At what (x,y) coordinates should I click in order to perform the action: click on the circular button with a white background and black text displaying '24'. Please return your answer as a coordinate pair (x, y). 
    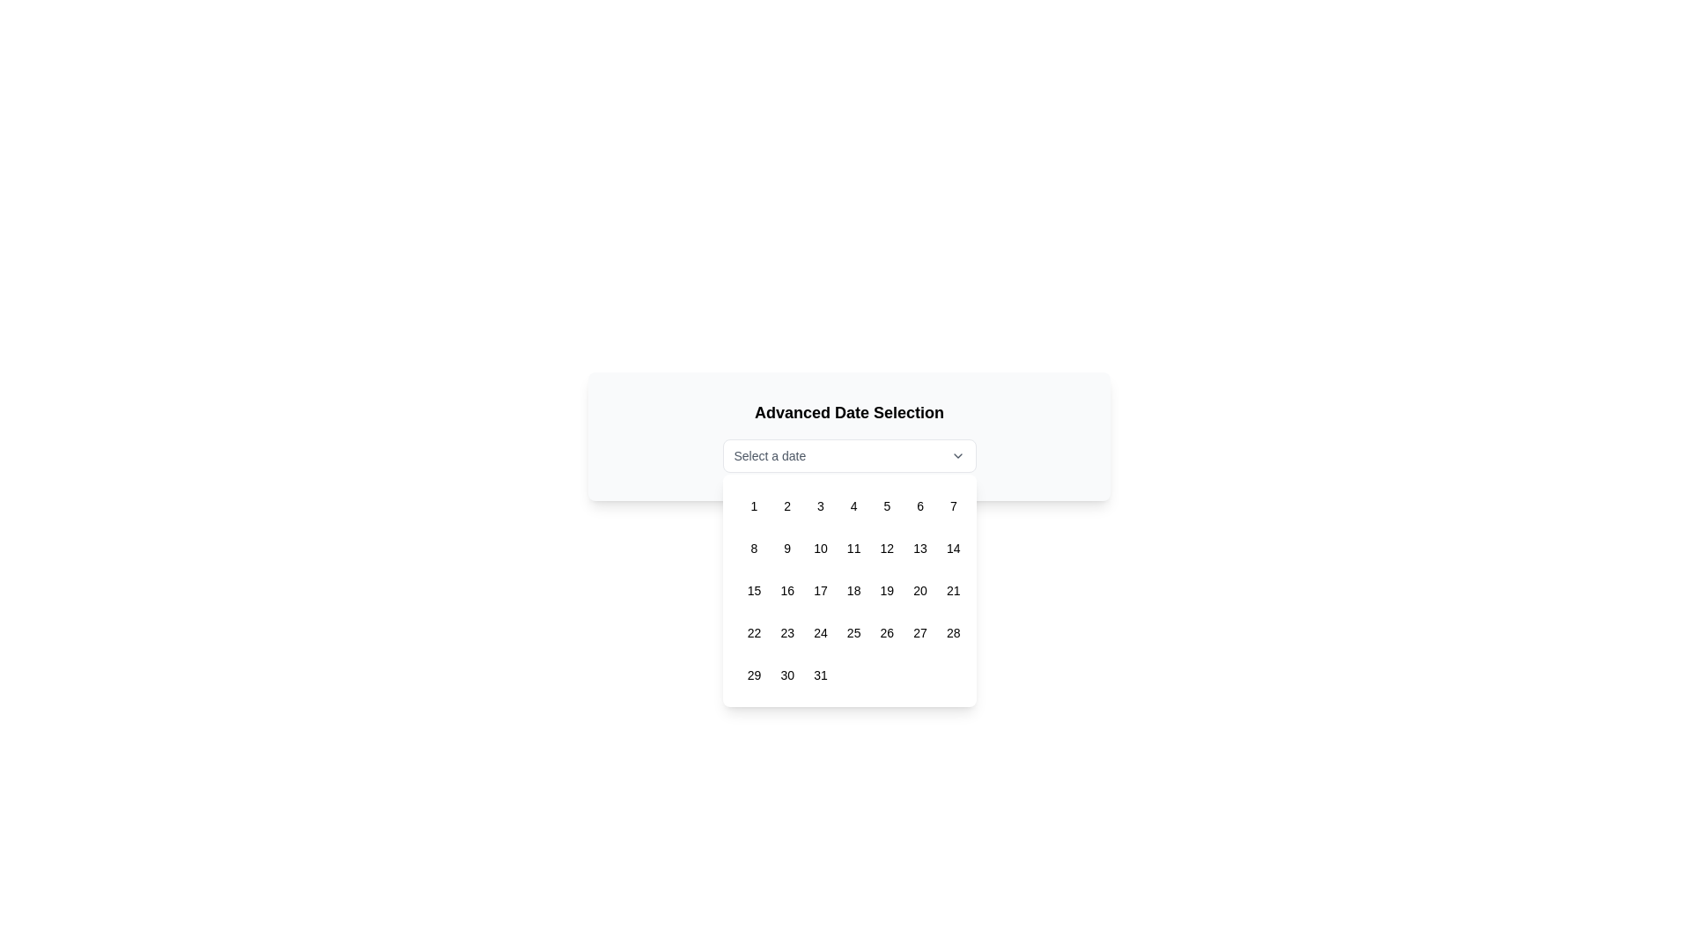
    Looking at the image, I should click on (819, 631).